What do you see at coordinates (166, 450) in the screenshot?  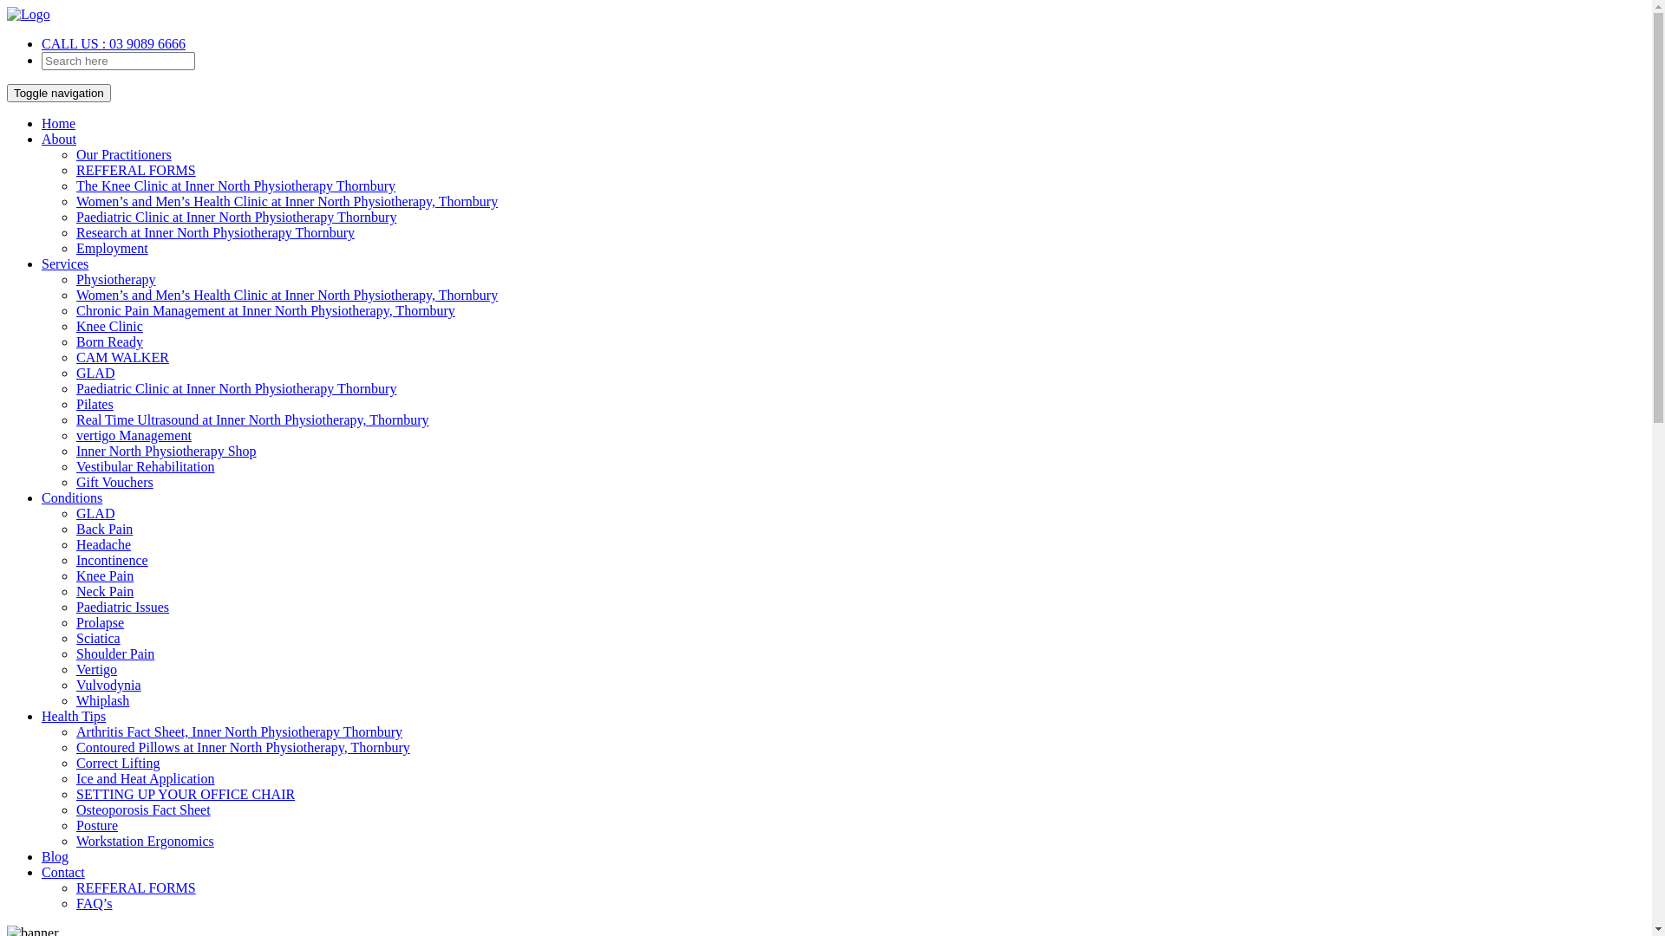 I see `'Inner North Physiotherapy Shop'` at bounding box center [166, 450].